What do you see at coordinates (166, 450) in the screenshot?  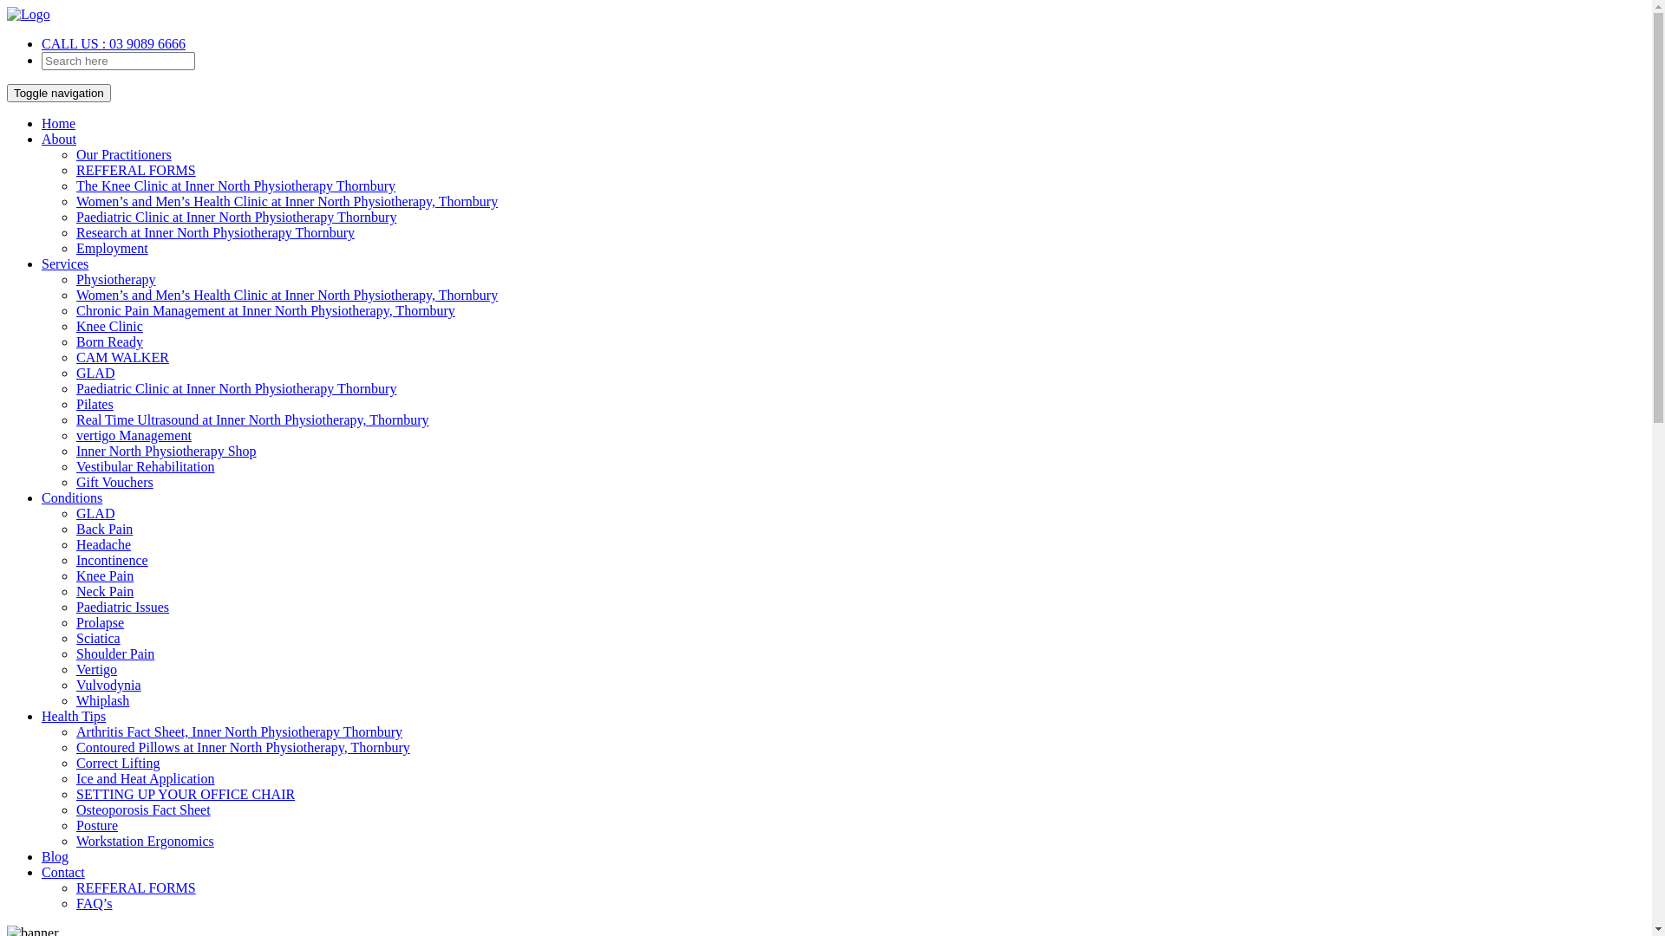 I see `'Inner North Physiotherapy Shop'` at bounding box center [166, 450].